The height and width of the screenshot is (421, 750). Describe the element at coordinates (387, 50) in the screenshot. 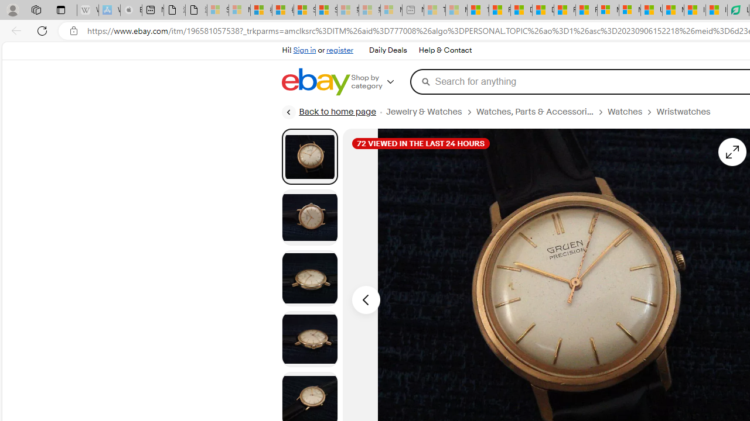

I see `'Daily Deals'` at that location.